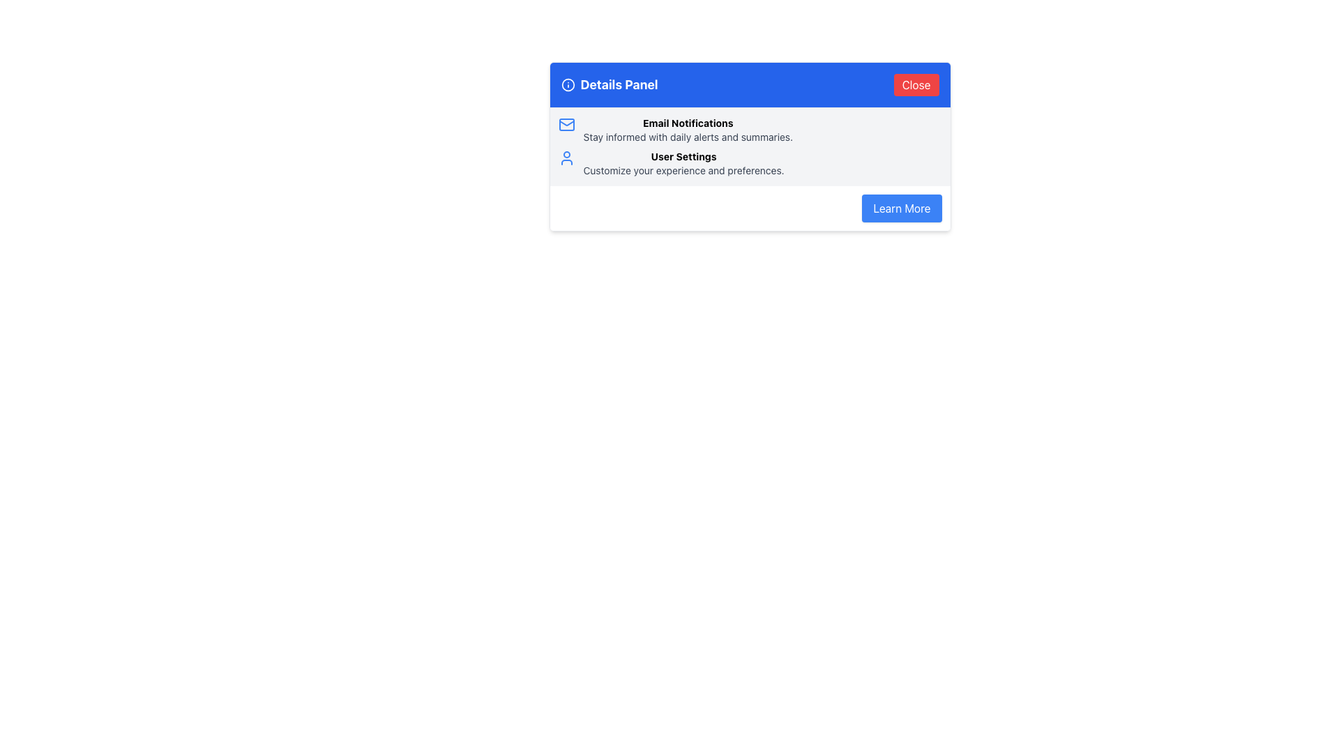 Image resolution: width=1339 pixels, height=753 pixels. Describe the element at coordinates (688, 130) in the screenshot. I see `the Text Block that displays 'Email Notifications' in bold black font, located within the 'Details Panel' under the blue header` at that location.